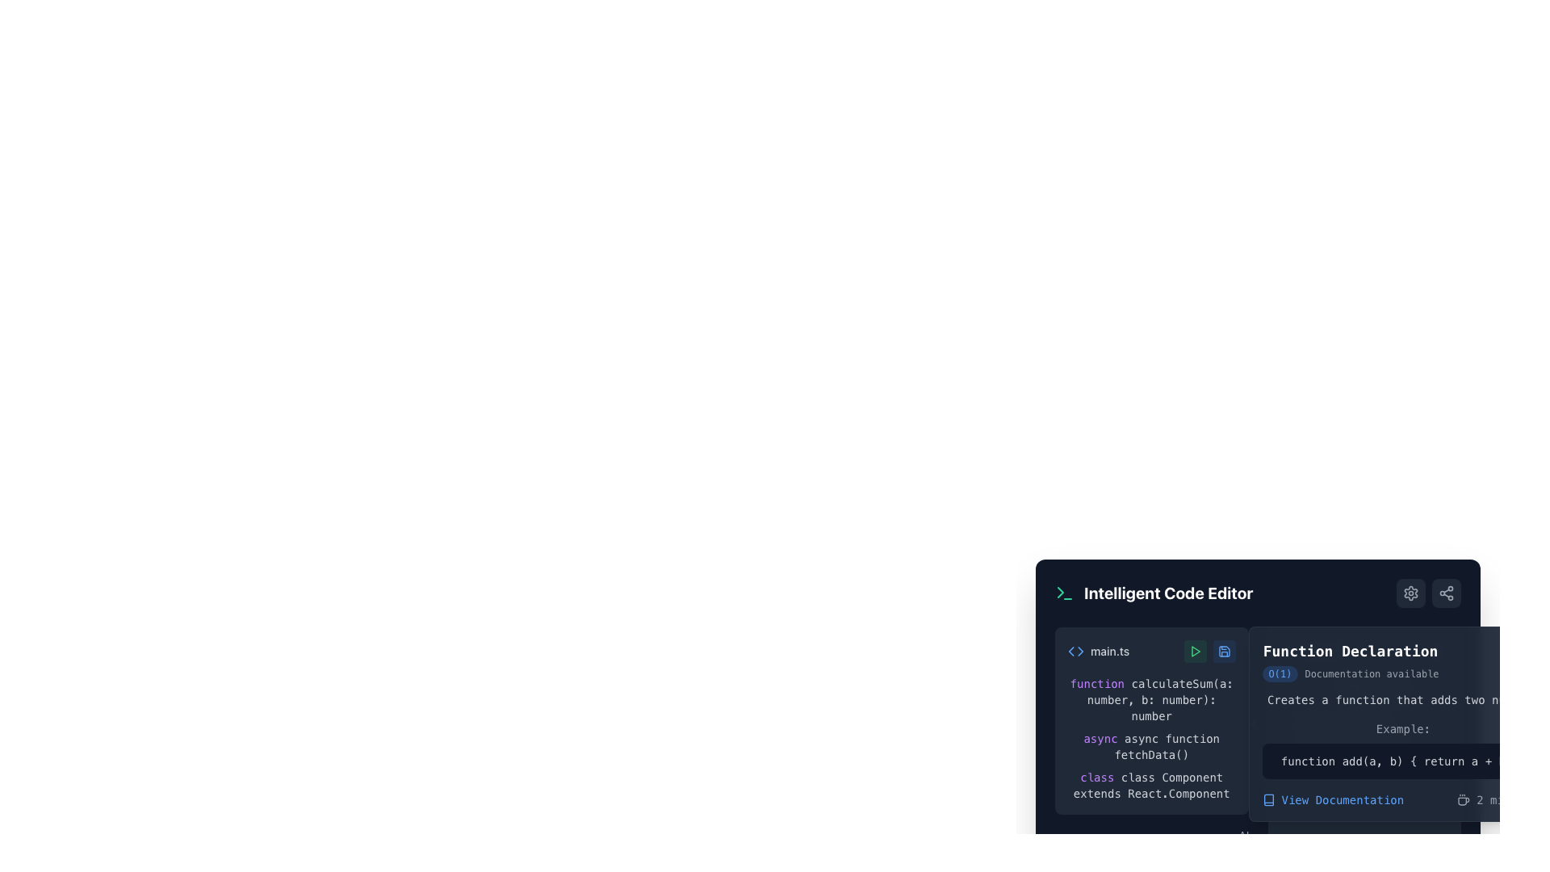 The height and width of the screenshot is (872, 1550). What do you see at coordinates (1402, 761) in the screenshot?
I see `example JavaScript function text content located within a dark gray rounded rectangle on the right side of the interface` at bounding box center [1402, 761].